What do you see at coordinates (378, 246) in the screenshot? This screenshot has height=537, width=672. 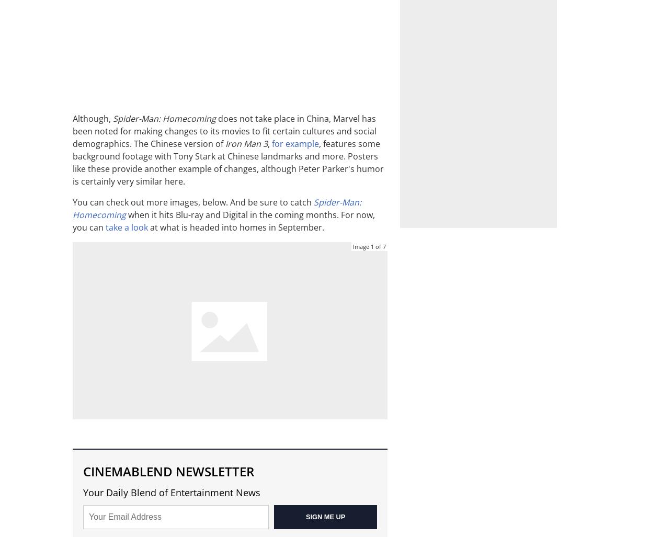 I see `'of'` at bounding box center [378, 246].